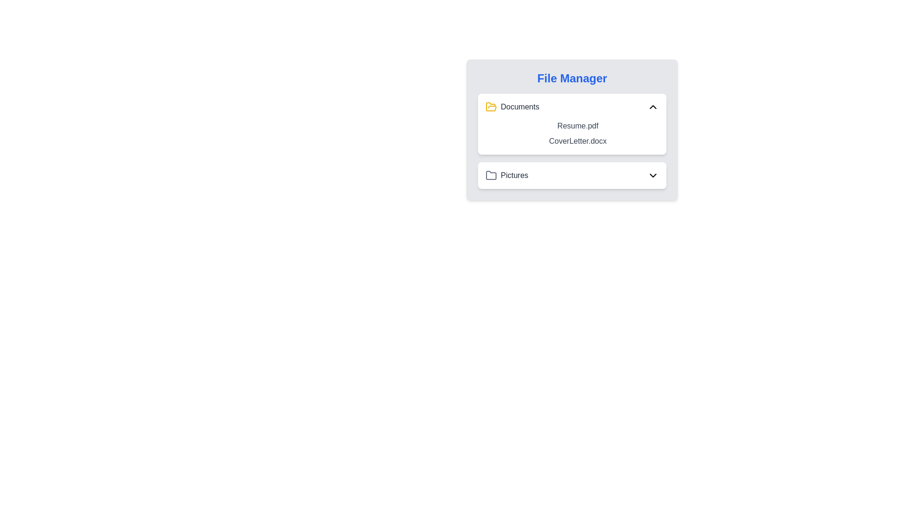  What do you see at coordinates (571, 78) in the screenshot?
I see `the title text label at the top of the file management interface to potentially reveal tooltips` at bounding box center [571, 78].